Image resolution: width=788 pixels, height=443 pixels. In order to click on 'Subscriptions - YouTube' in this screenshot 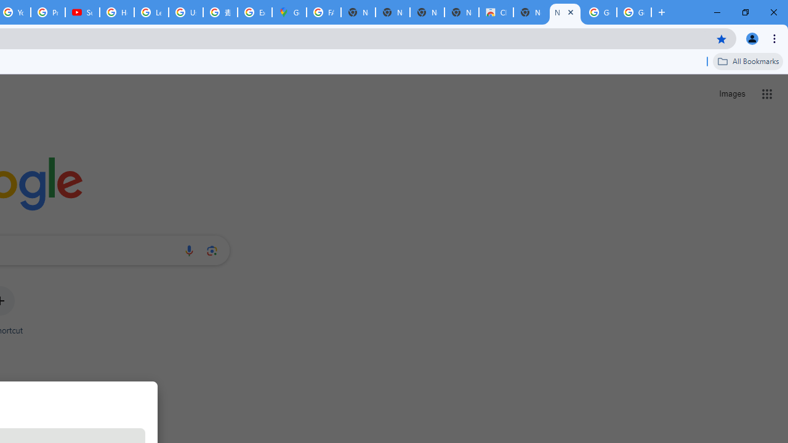, I will do `click(82, 12)`.